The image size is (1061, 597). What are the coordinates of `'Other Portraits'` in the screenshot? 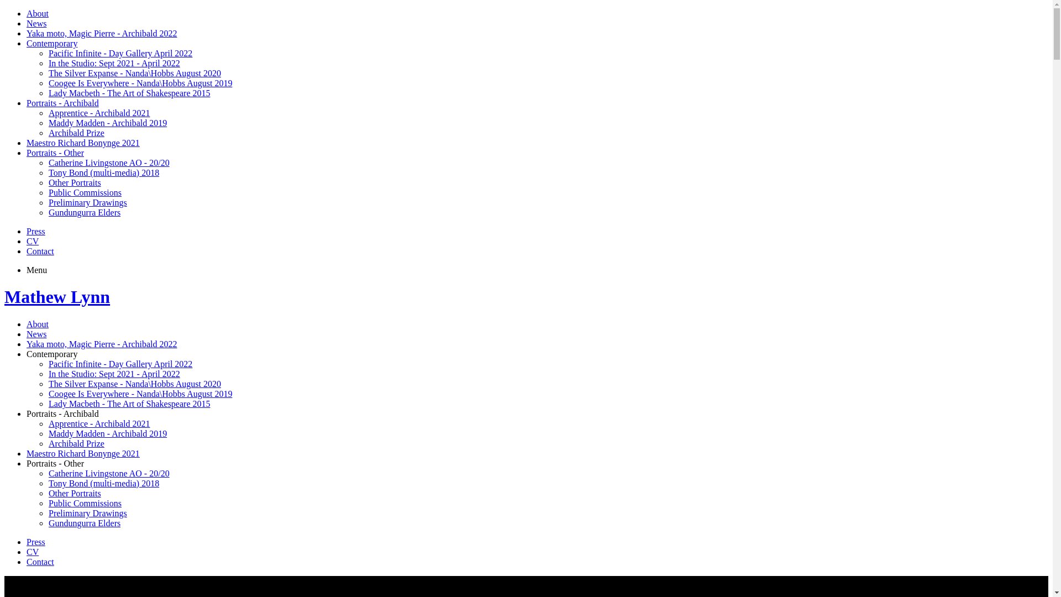 It's located at (48, 493).